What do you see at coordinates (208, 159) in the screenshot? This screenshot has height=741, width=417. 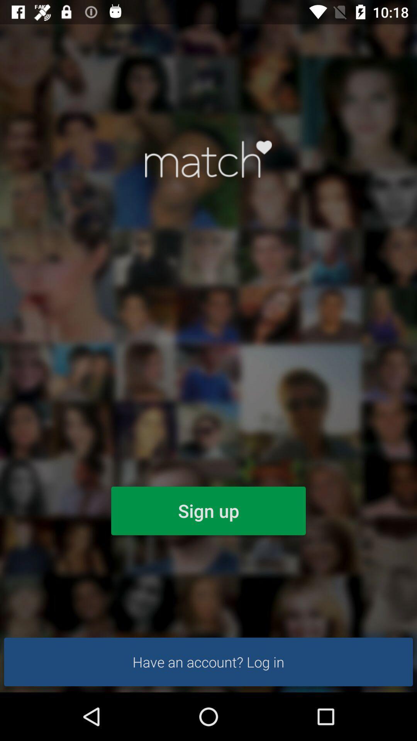 I see `like button` at bounding box center [208, 159].